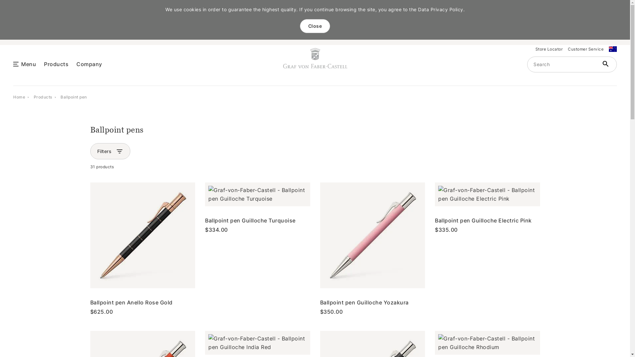 The height and width of the screenshot is (357, 635). I want to click on 'Company', so click(76, 63).